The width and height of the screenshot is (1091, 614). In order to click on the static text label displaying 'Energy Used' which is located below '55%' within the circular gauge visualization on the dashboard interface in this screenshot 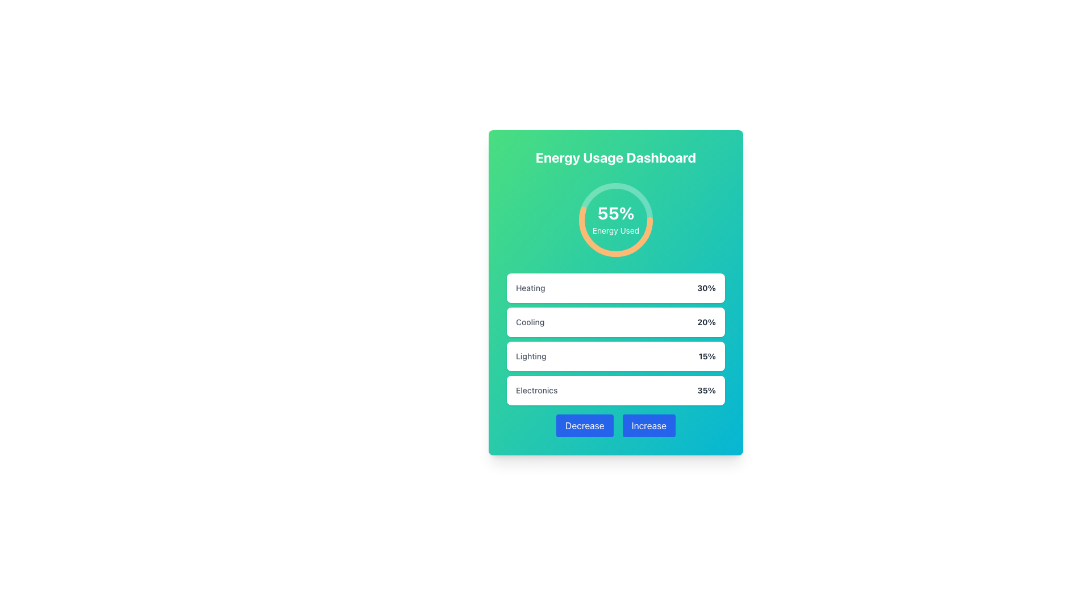, I will do `click(615, 230)`.